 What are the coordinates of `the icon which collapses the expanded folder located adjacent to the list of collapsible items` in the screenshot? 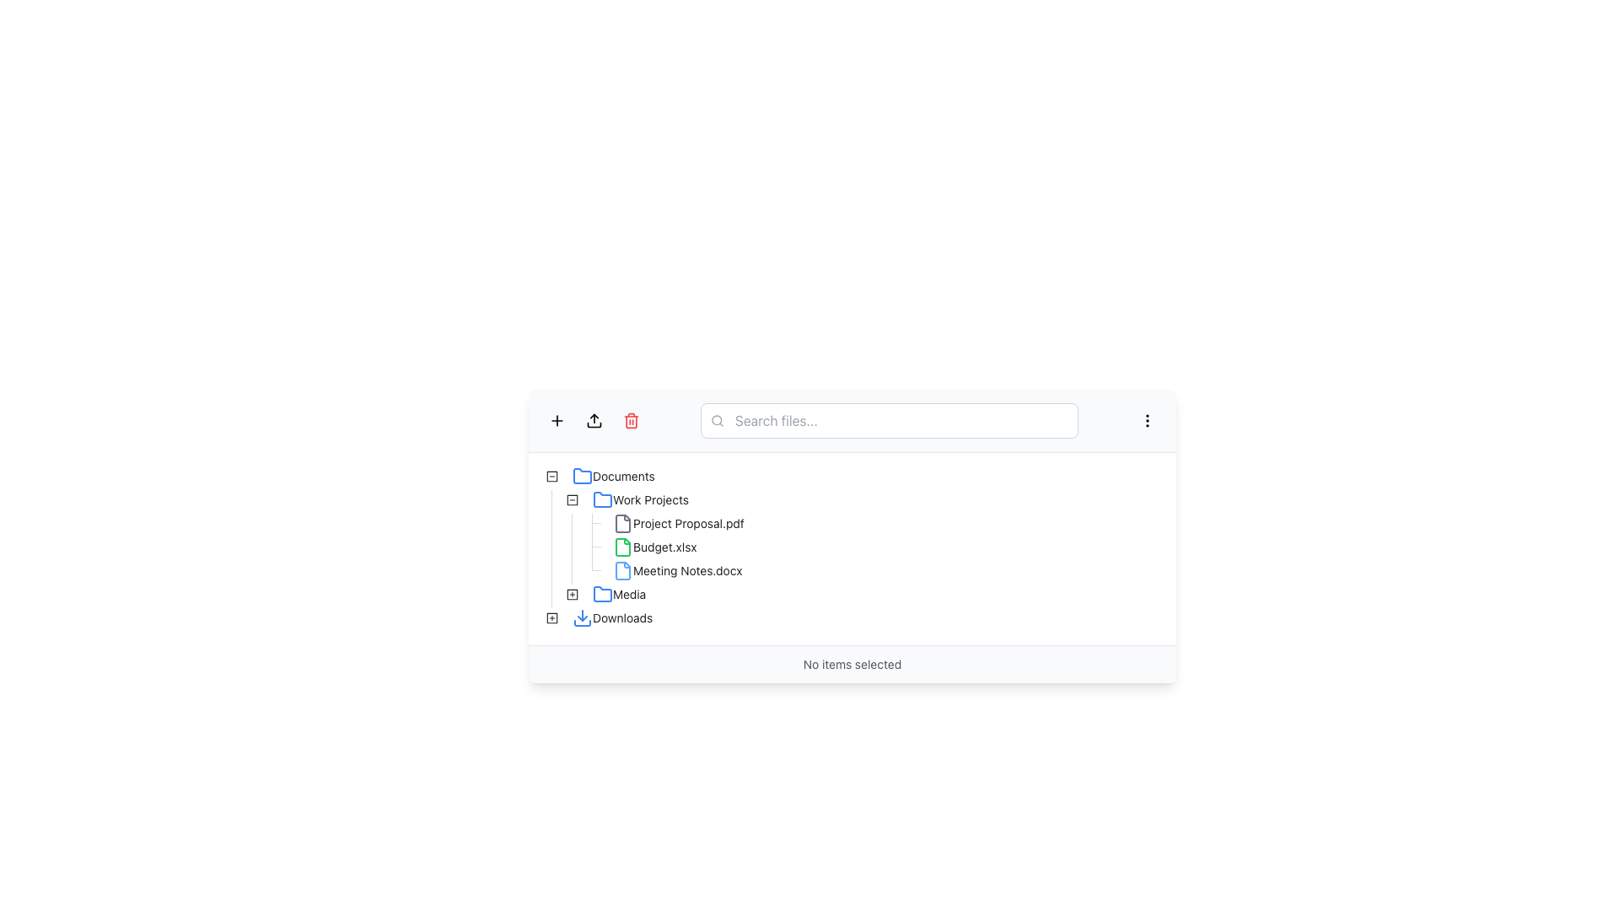 It's located at (551, 476).